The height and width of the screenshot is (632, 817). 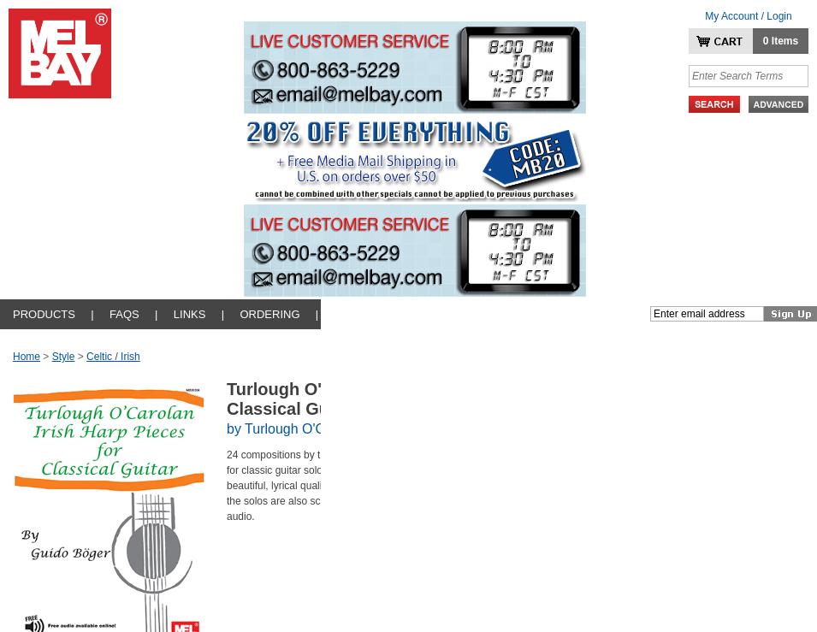 I want to click on 'My Account / Login', so click(x=748, y=15).